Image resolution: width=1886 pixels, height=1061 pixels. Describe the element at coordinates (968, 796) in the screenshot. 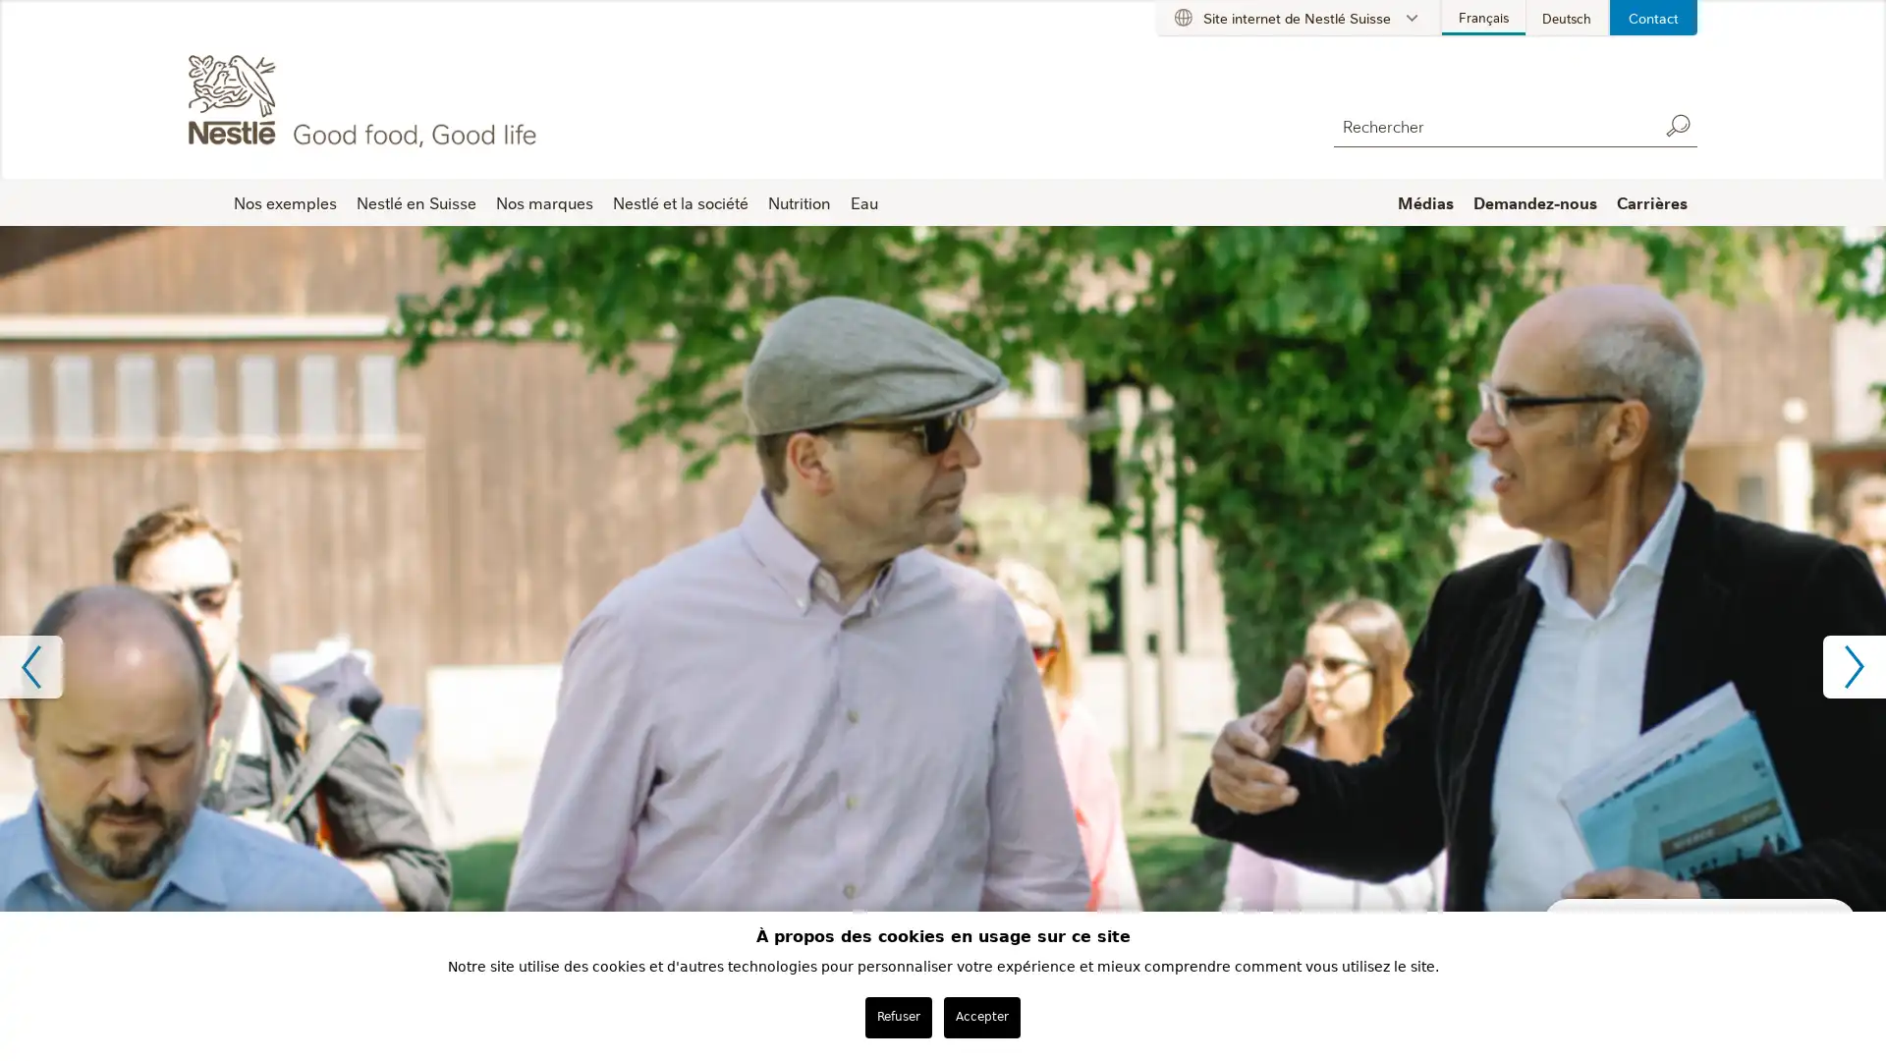

I see `4 of 5` at that location.